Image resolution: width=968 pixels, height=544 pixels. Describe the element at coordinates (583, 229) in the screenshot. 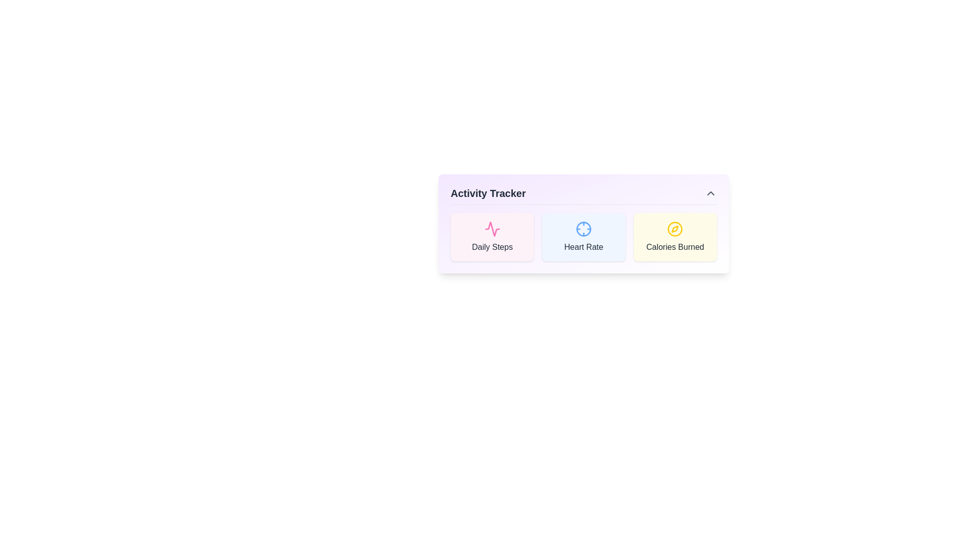

I see `the blue crosshair icon within the 'Heart Rate' section of the 'Activity Tracker' interface, positioned centrally with a light blue background` at that location.